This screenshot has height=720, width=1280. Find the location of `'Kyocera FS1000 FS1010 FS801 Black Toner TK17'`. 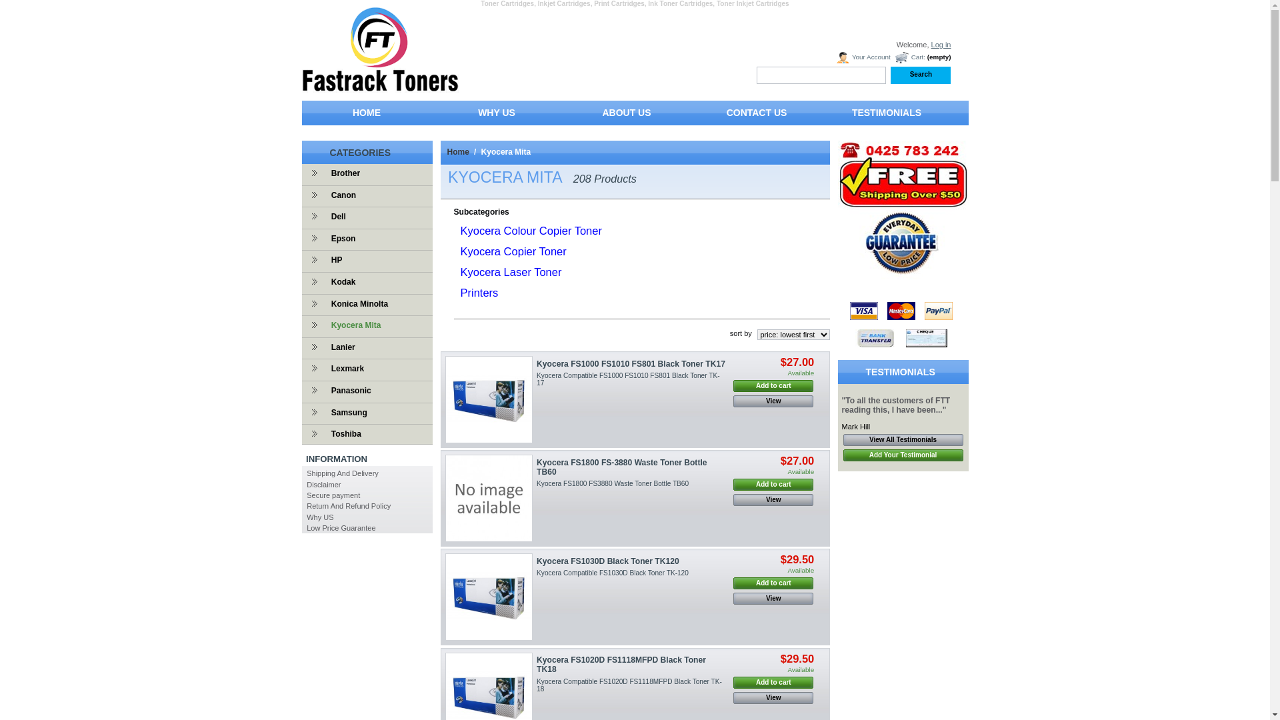

'Kyocera FS1000 FS1010 FS801 Black Toner TK17' is located at coordinates (488, 399).